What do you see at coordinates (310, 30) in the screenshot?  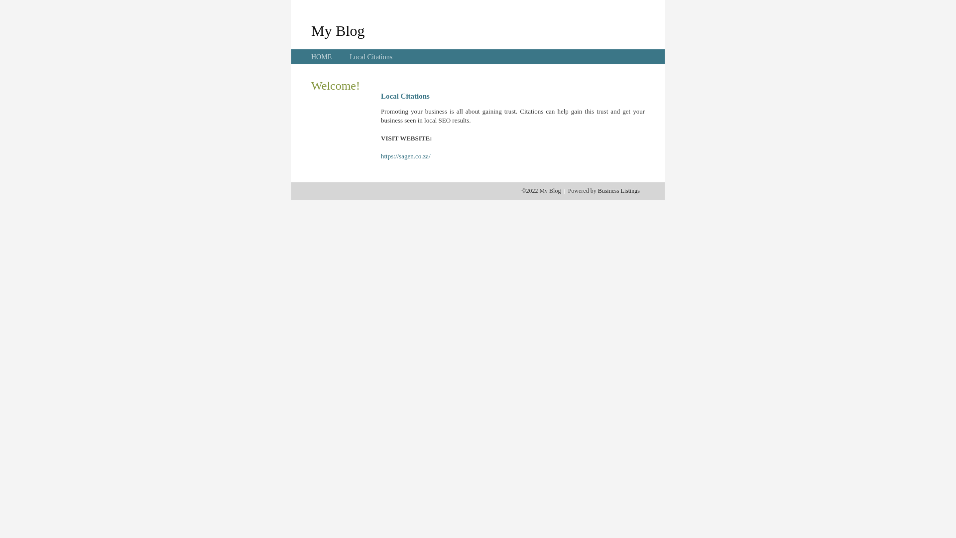 I see `'My Blog'` at bounding box center [310, 30].